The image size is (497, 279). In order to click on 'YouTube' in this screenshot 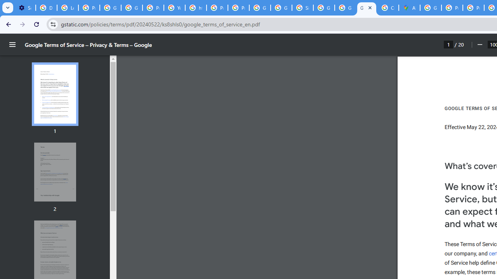, I will do `click(174, 8)`.